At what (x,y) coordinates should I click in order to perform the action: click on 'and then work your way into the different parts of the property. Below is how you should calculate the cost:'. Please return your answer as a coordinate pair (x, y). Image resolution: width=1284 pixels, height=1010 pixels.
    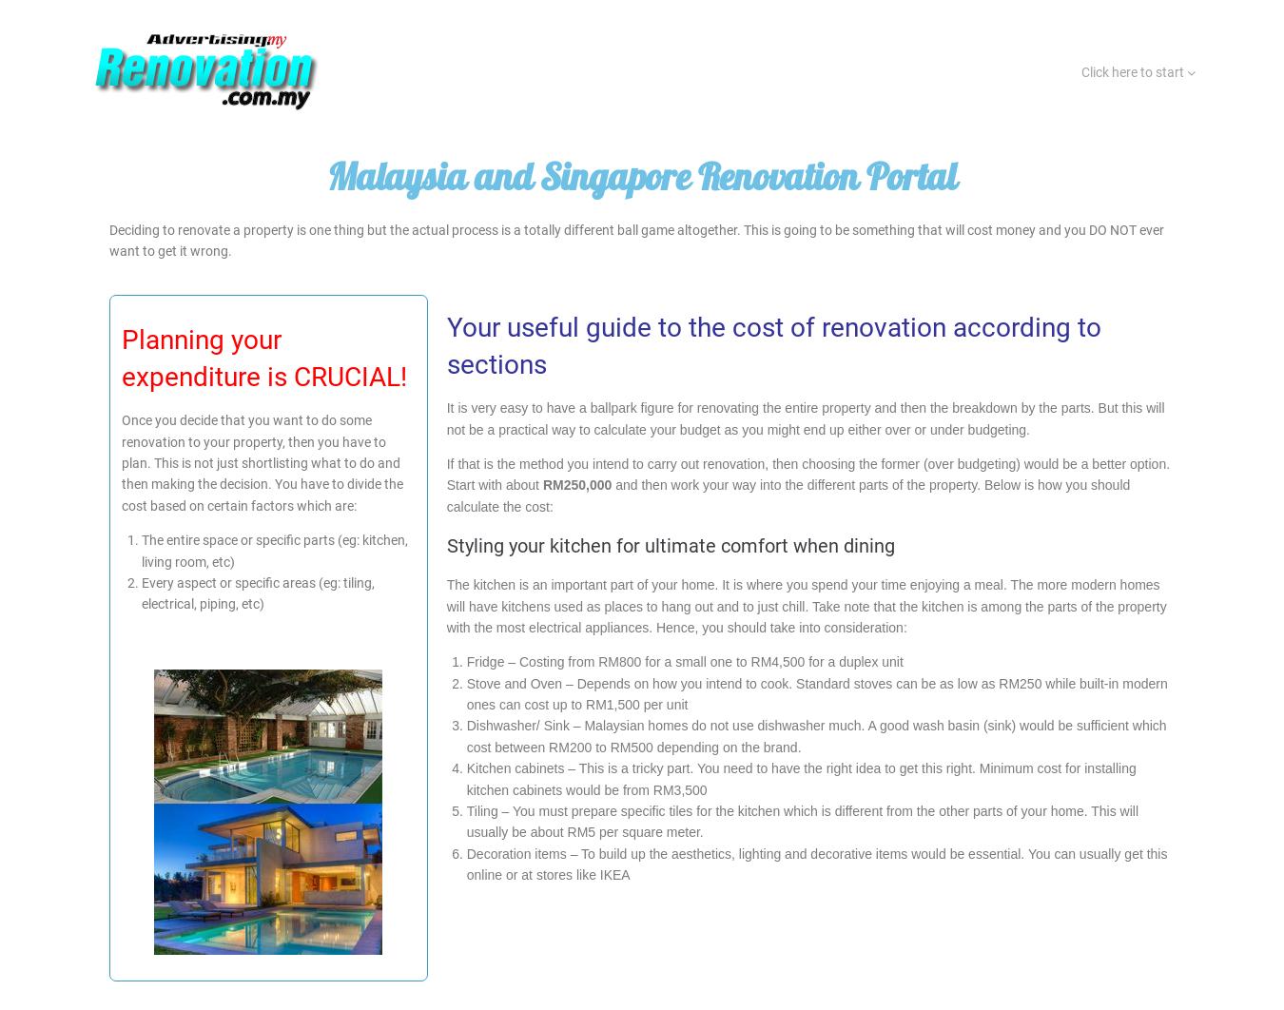
    Looking at the image, I should click on (444, 495).